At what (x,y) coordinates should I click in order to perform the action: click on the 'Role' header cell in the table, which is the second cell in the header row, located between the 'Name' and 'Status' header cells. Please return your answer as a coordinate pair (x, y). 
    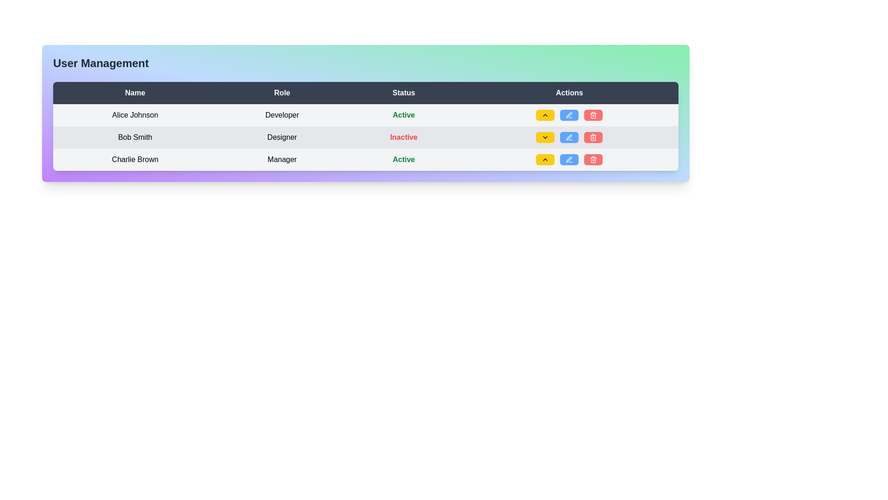
    Looking at the image, I should click on (282, 93).